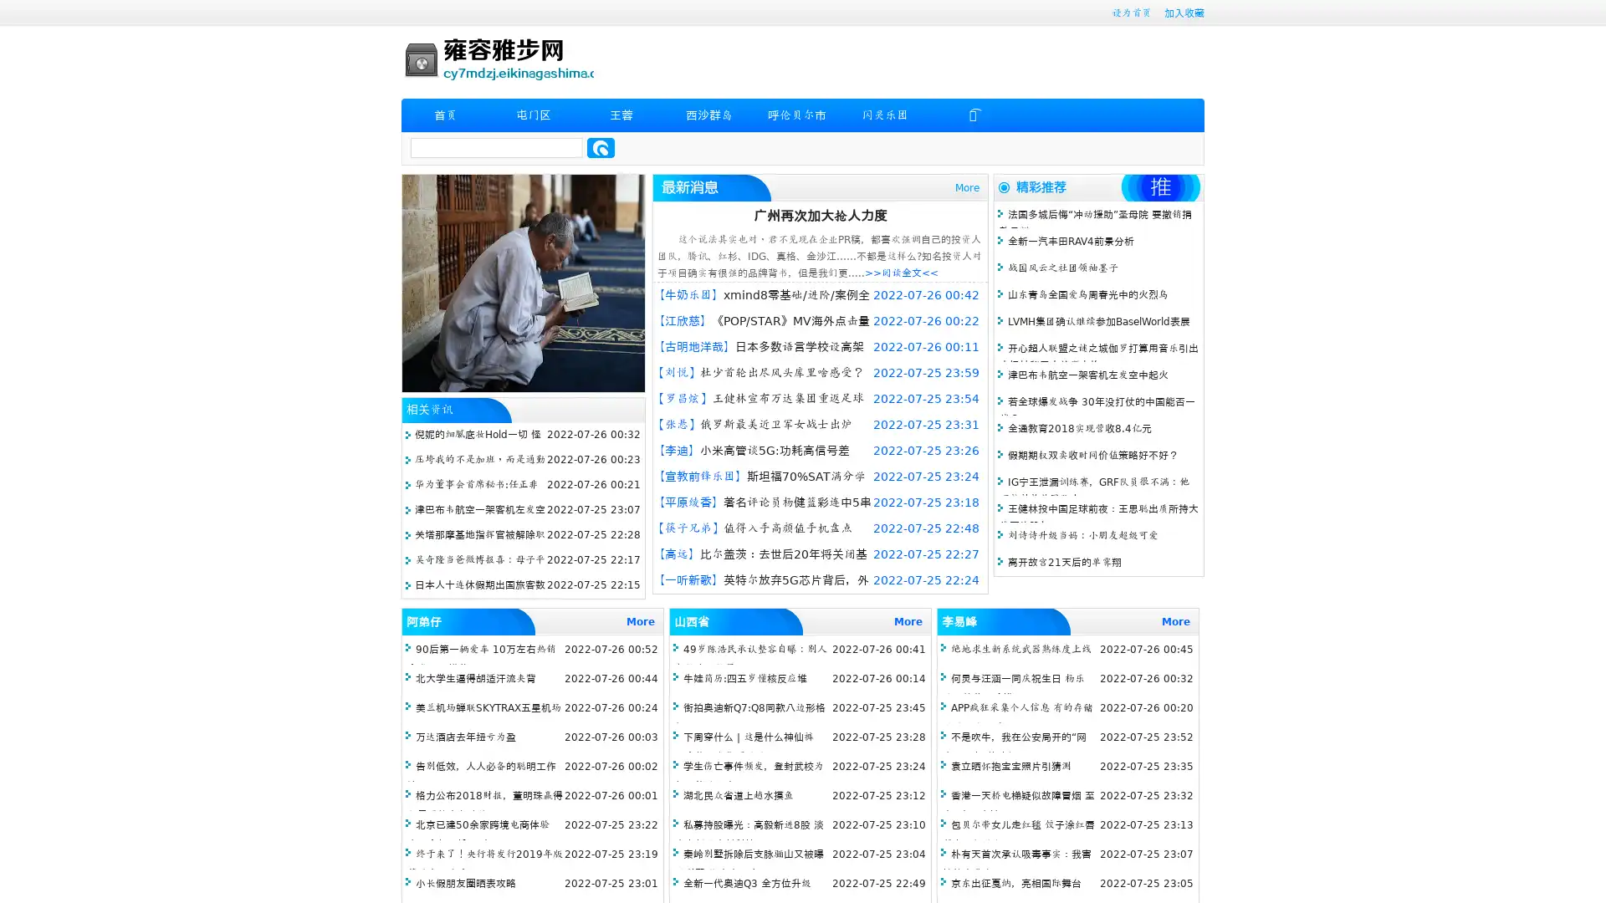 This screenshot has width=1606, height=903. I want to click on Search, so click(601, 147).